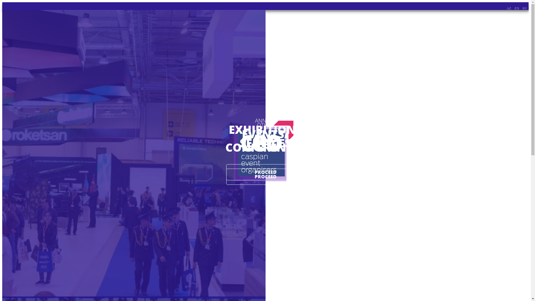  I want to click on 'EN', so click(516, 8).